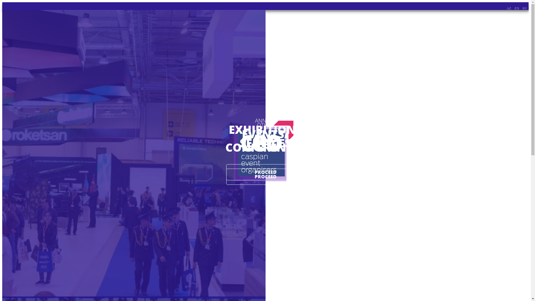  I want to click on 'EN', so click(516, 8).